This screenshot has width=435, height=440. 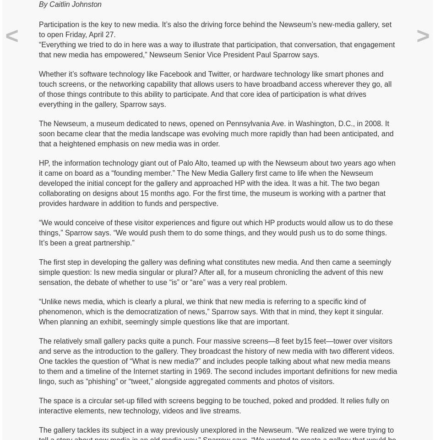 I want to click on '<', so click(x=11, y=35).